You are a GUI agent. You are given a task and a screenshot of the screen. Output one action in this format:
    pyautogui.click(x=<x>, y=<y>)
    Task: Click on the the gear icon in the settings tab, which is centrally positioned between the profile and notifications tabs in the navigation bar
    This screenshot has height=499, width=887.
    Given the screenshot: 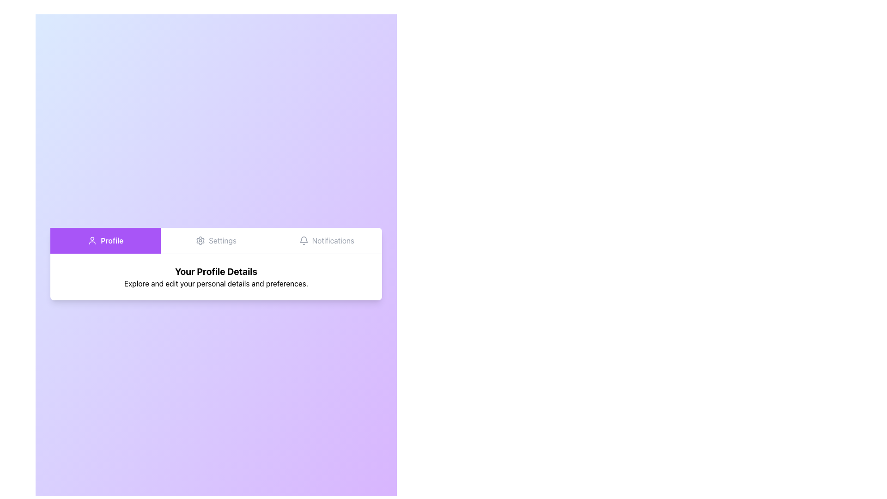 What is the action you would take?
    pyautogui.click(x=200, y=240)
    